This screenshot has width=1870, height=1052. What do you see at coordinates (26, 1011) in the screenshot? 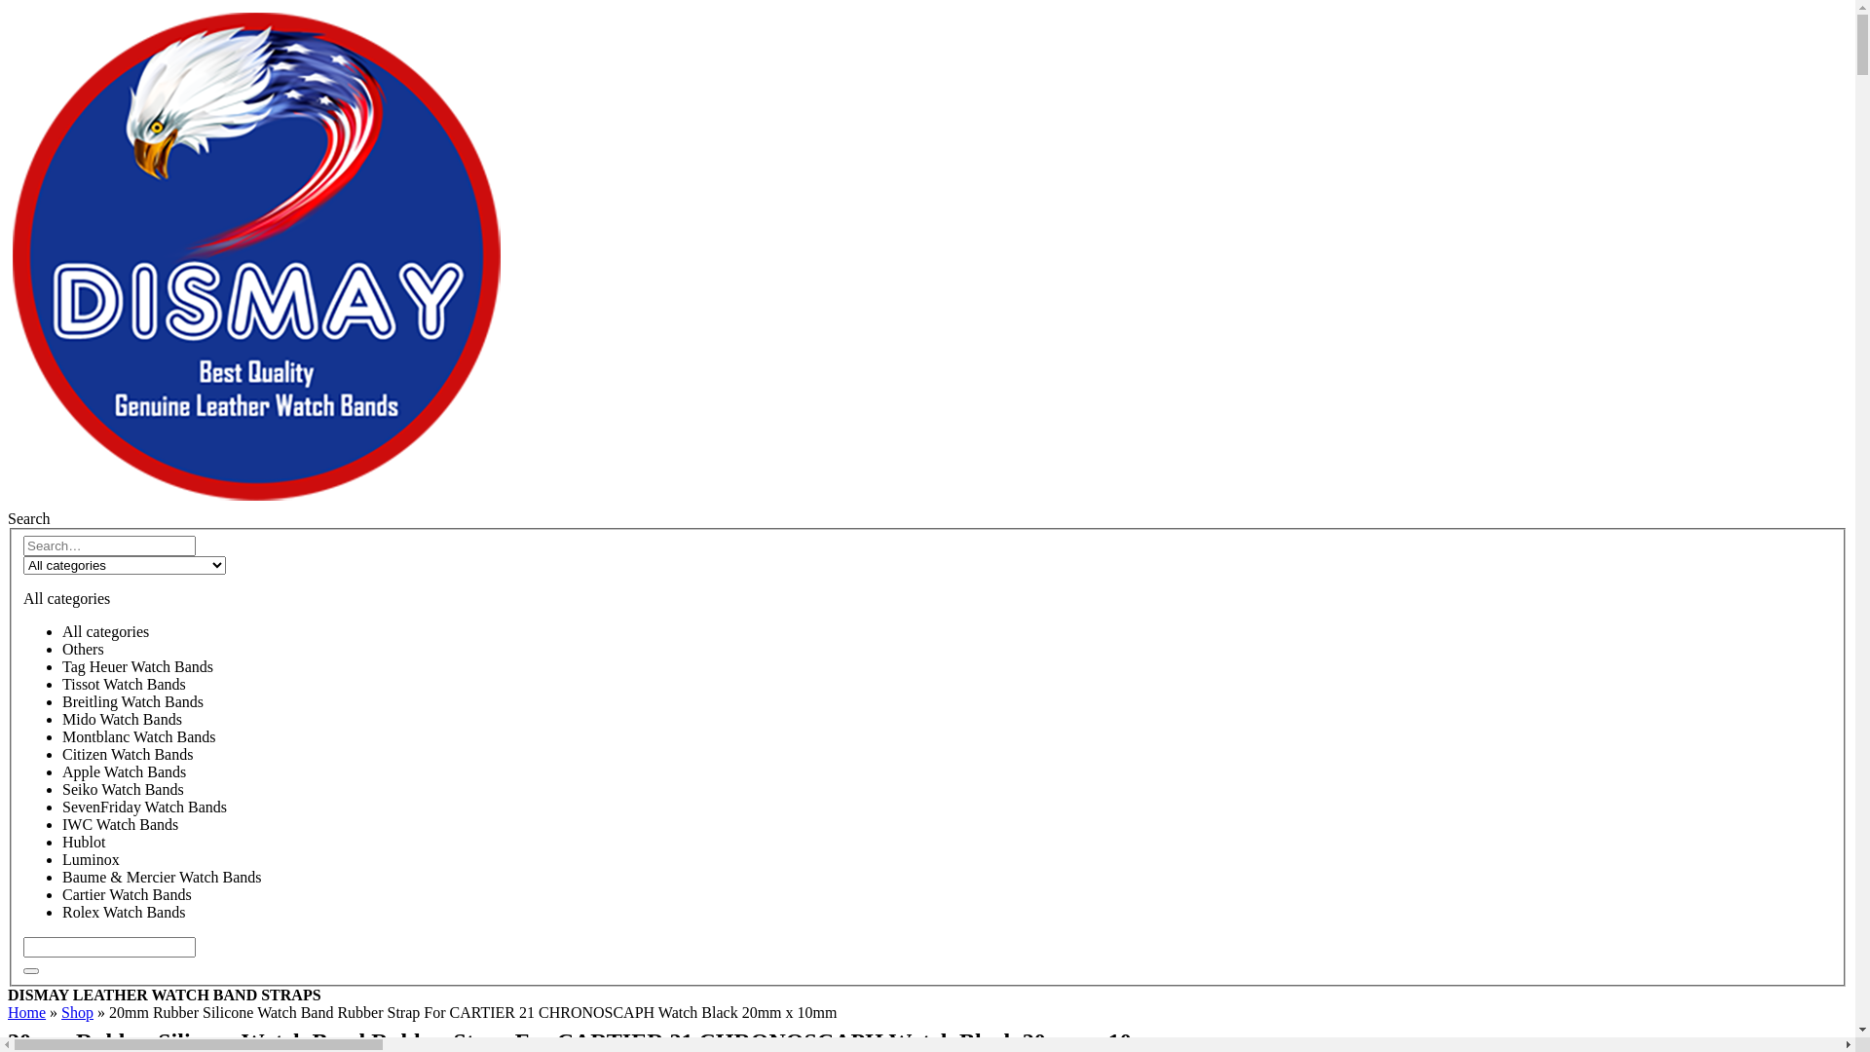
I see `'Home'` at bounding box center [26, 1011].